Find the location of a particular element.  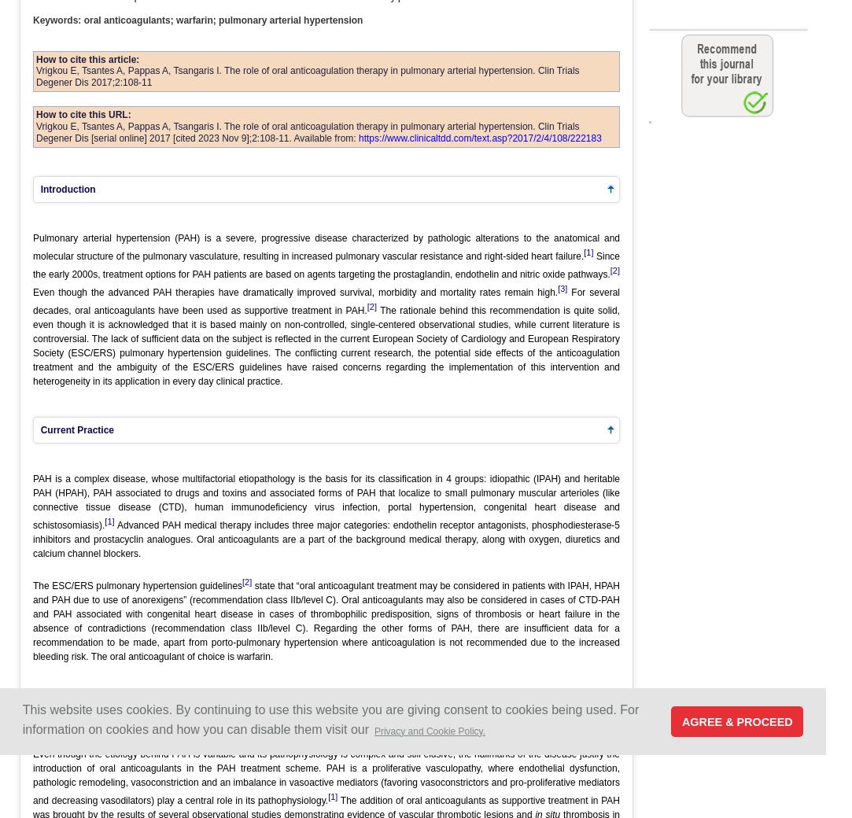

'Current Practice' is located at coordinates (73, 429).